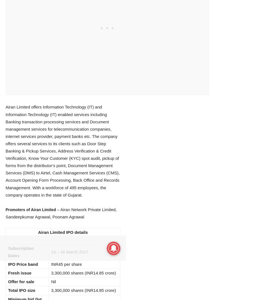 The width and height of the screenshot is (277, 300). Describe the element at coordinates (51, 251) in the screenshot. I see `'14 – 16 March 2017'` at that location.